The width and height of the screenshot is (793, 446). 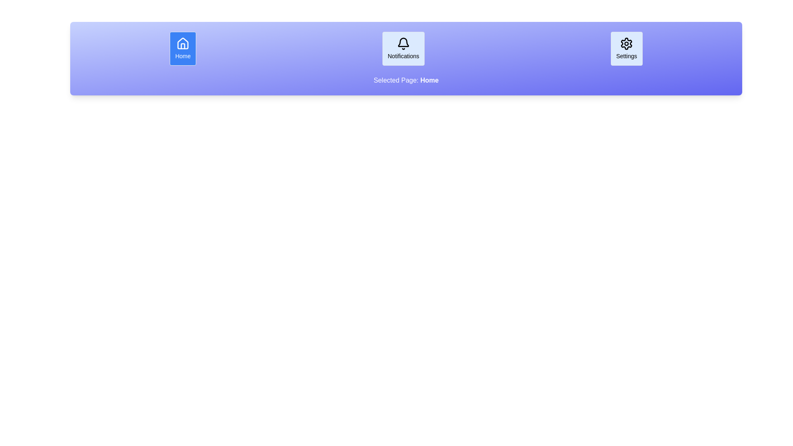 What do you see at coordinates (626, 49) in the screenshot?
I see `the Settings button to observe its hover effect` at bounding box center [626, 49].